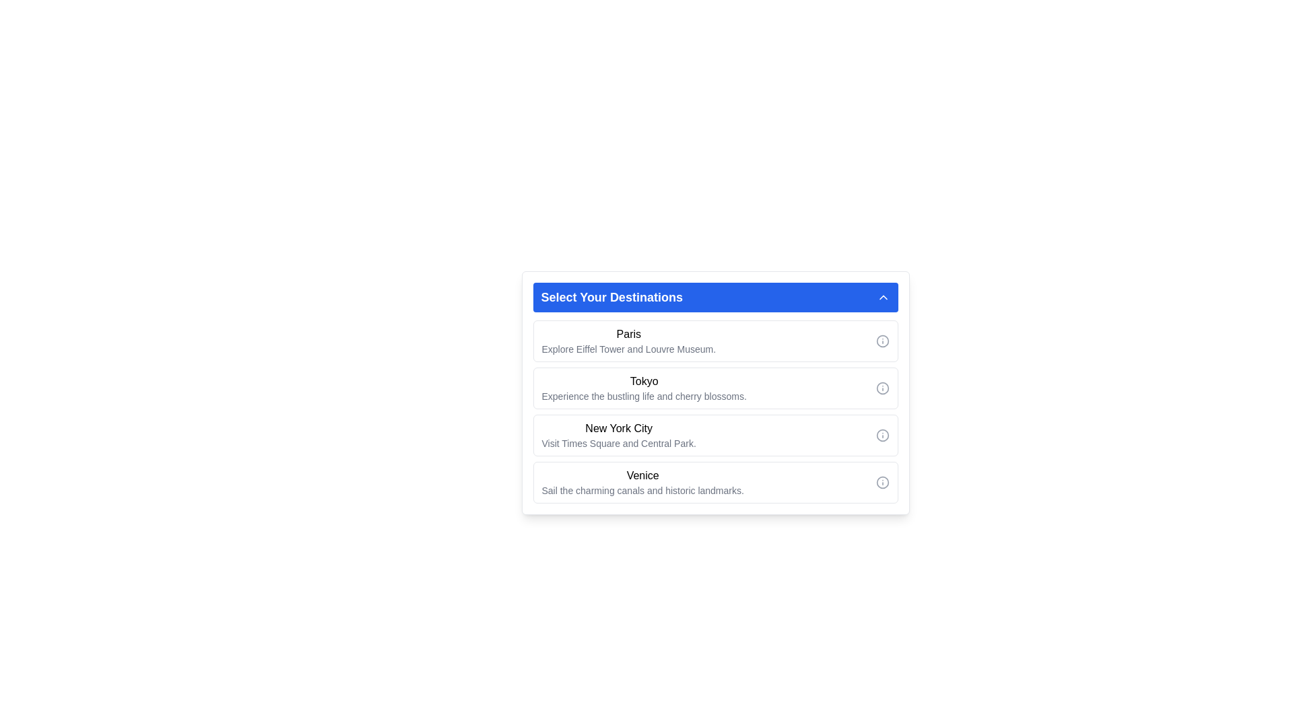 This screenshot has height=727, width=1293. I want to click on the circular 'info' icon with a vertical dash and dot above it, located to the right of the text 'Explore Eiffel Tower and Louvre Museum.', so click(882, 340).